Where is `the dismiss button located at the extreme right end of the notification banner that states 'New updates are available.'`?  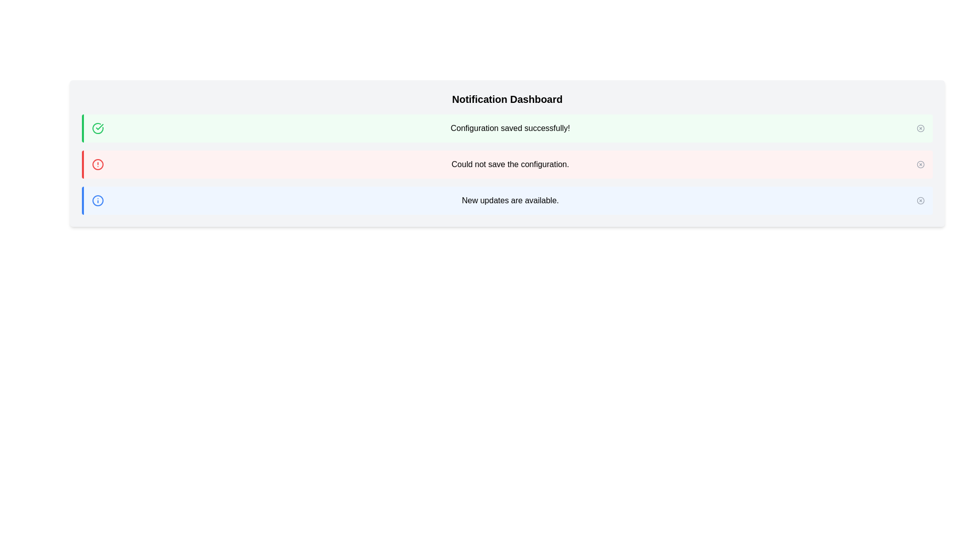 the dismiss button located at the extreme right end of the notification banner that states 'New updates are available.' is located at coordinates (921, 201).